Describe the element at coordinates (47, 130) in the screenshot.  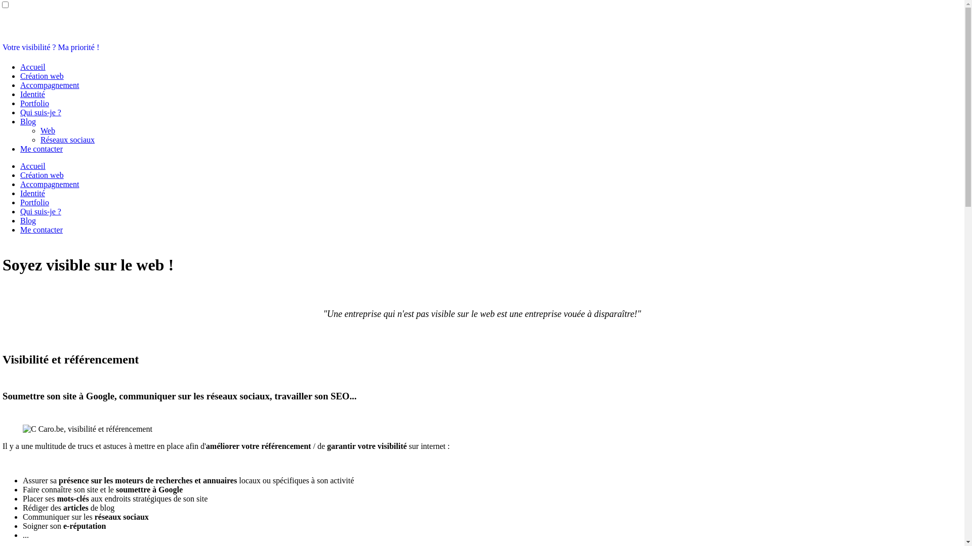
I see `'Web'` at that location.